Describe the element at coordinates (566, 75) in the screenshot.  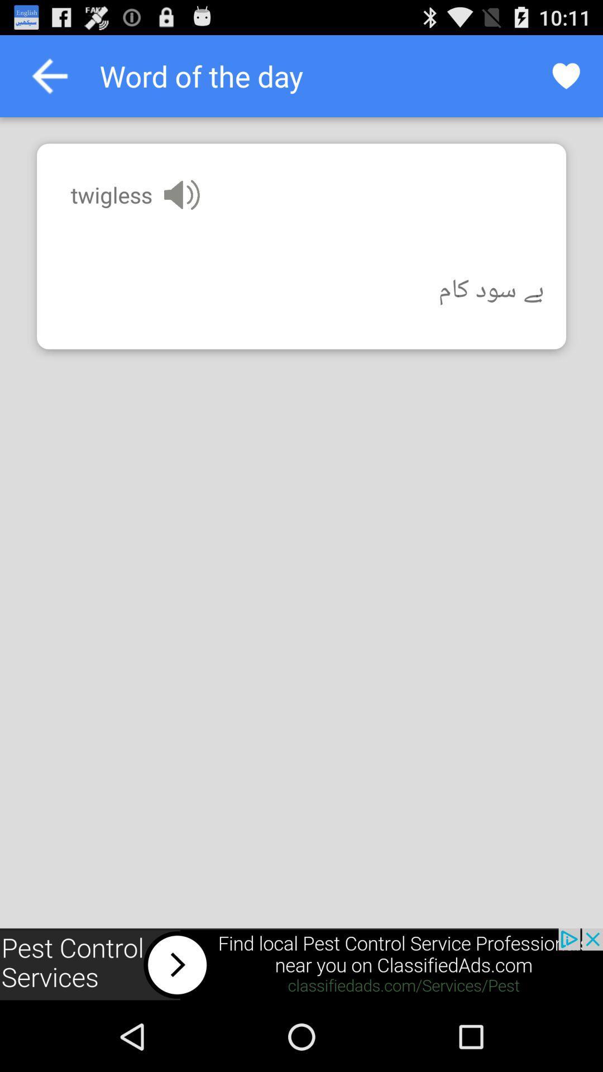
I see `symbol of like` at that location.